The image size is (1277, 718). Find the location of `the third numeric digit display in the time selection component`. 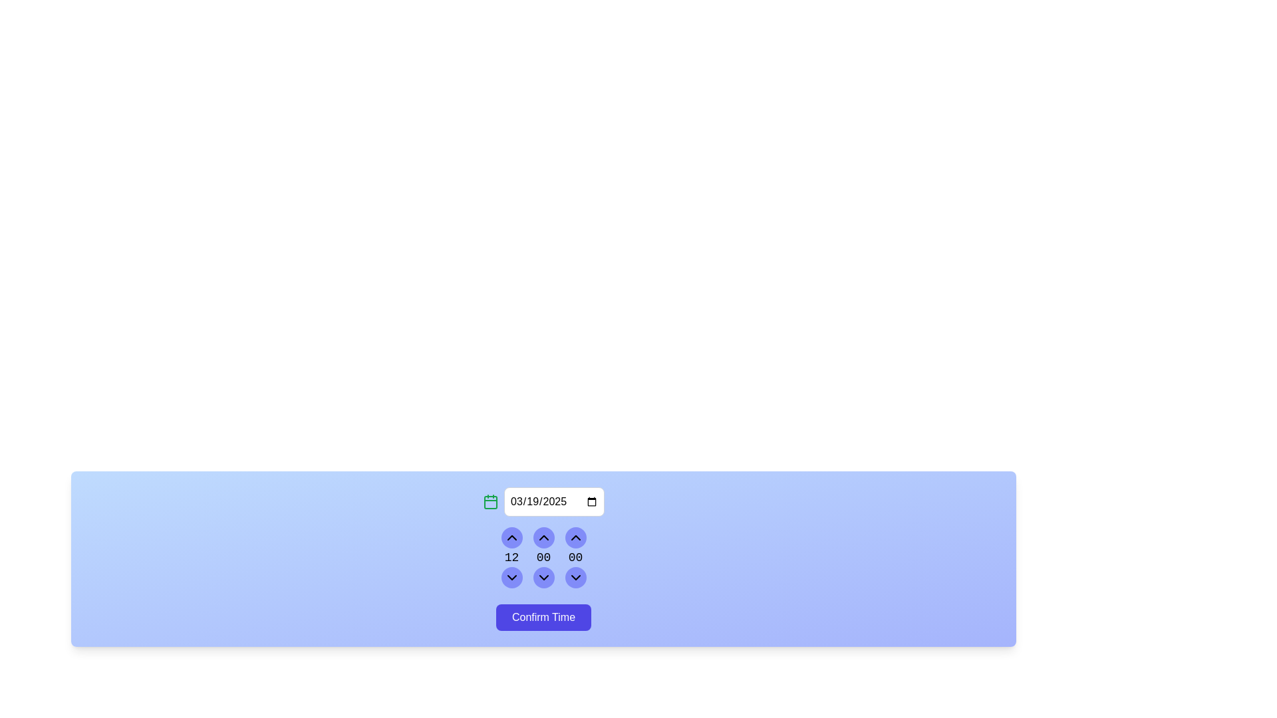

the third numeric digit display in the time selection component is located at coordinates (575, 558).